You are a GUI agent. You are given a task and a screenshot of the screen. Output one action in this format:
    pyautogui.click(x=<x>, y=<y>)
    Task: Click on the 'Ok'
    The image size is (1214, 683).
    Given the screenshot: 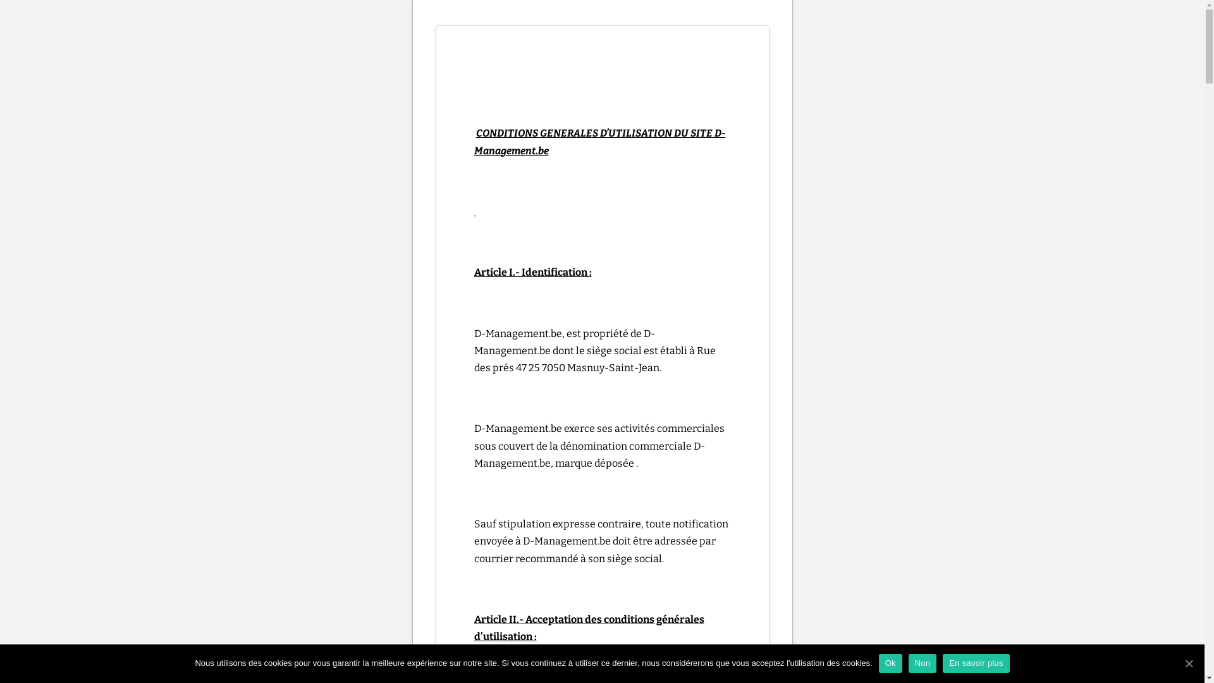 What is the action you would take?
    pyautogui.click(x=890, y=663)
    